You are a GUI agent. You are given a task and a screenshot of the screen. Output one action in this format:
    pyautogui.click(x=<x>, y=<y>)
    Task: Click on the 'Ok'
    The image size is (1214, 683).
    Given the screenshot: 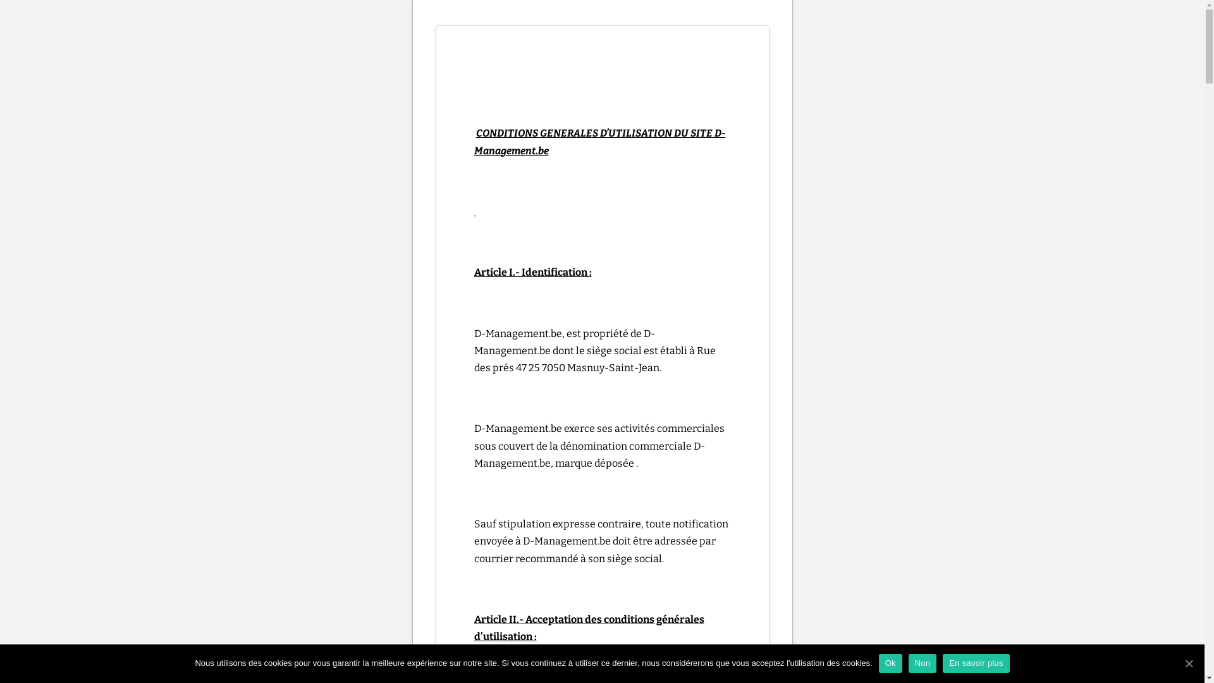 What is the action you would take?
    pyautogui.click(x=890, y=663)
    